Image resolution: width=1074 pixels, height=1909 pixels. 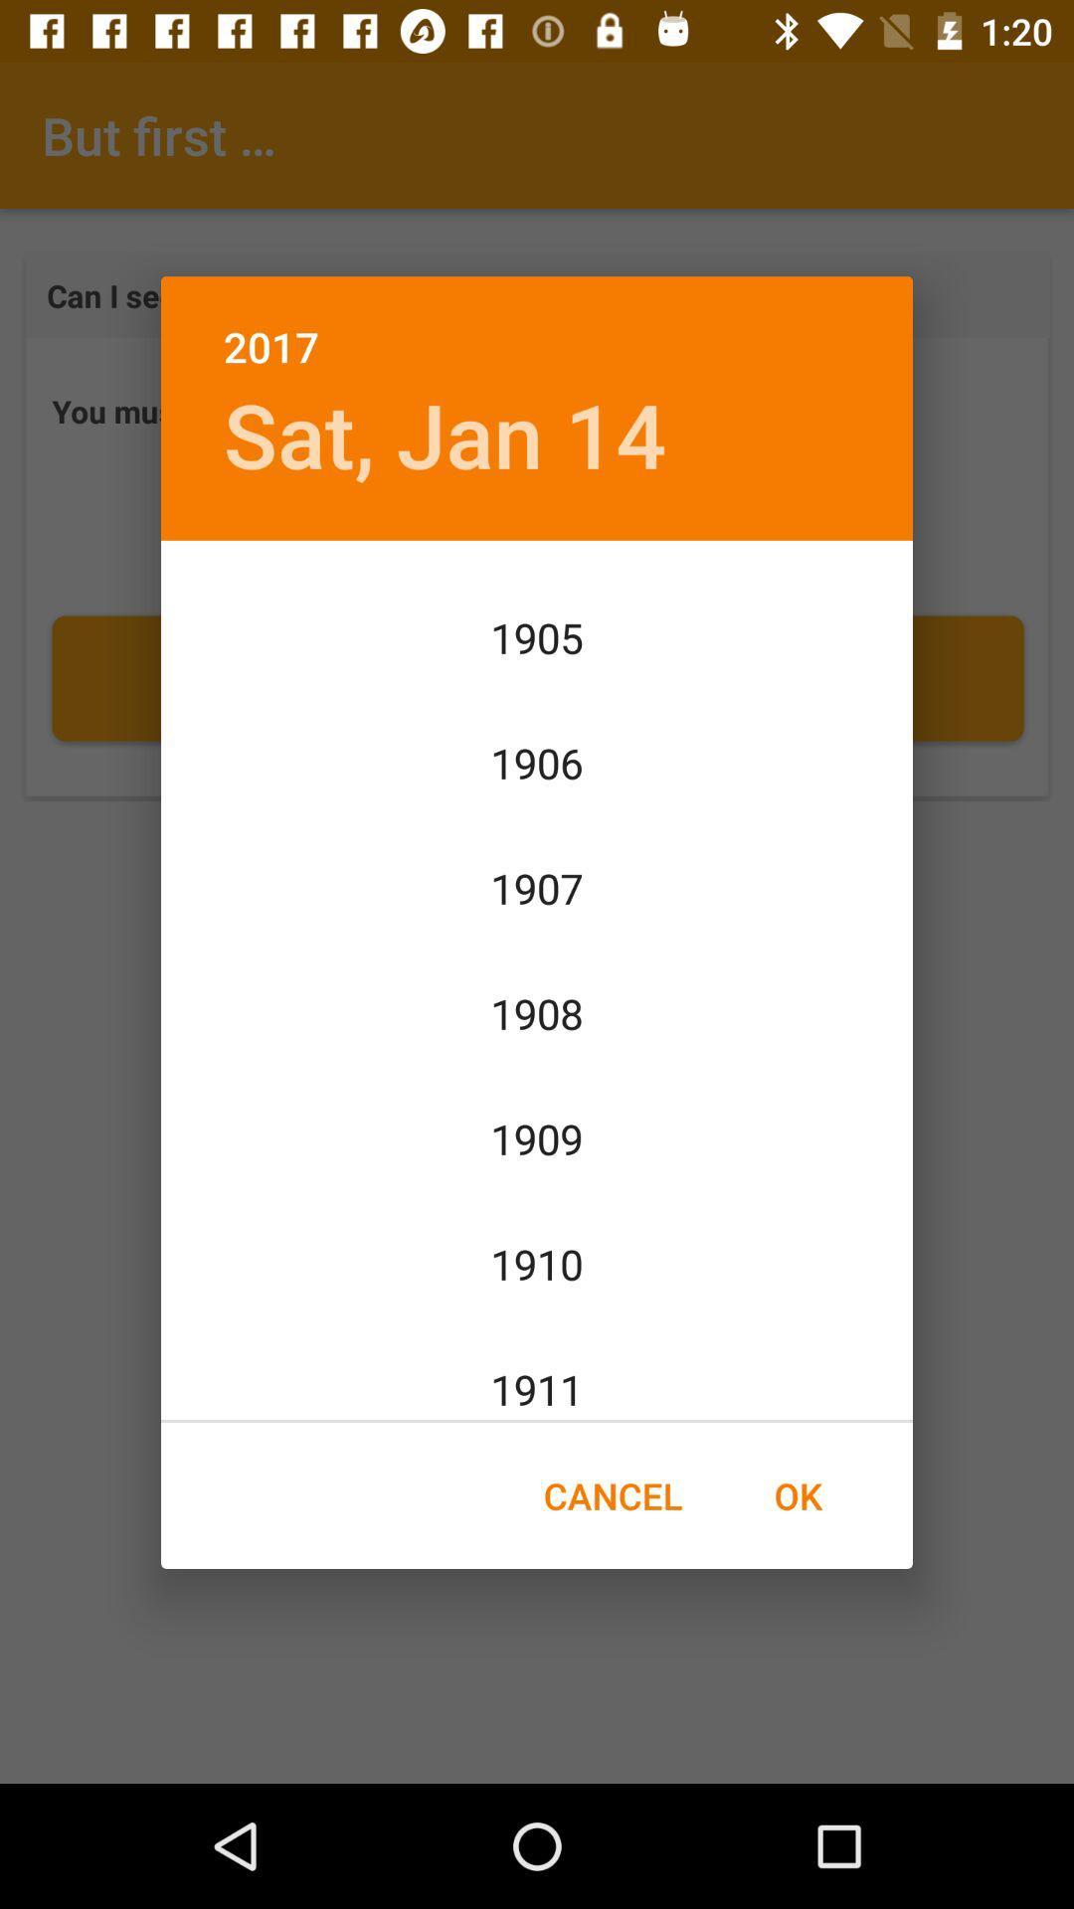 What do you see at coordinates (612, 1495) in the screenshot?
I see `the cancel` at bounding box center [612, 1495].